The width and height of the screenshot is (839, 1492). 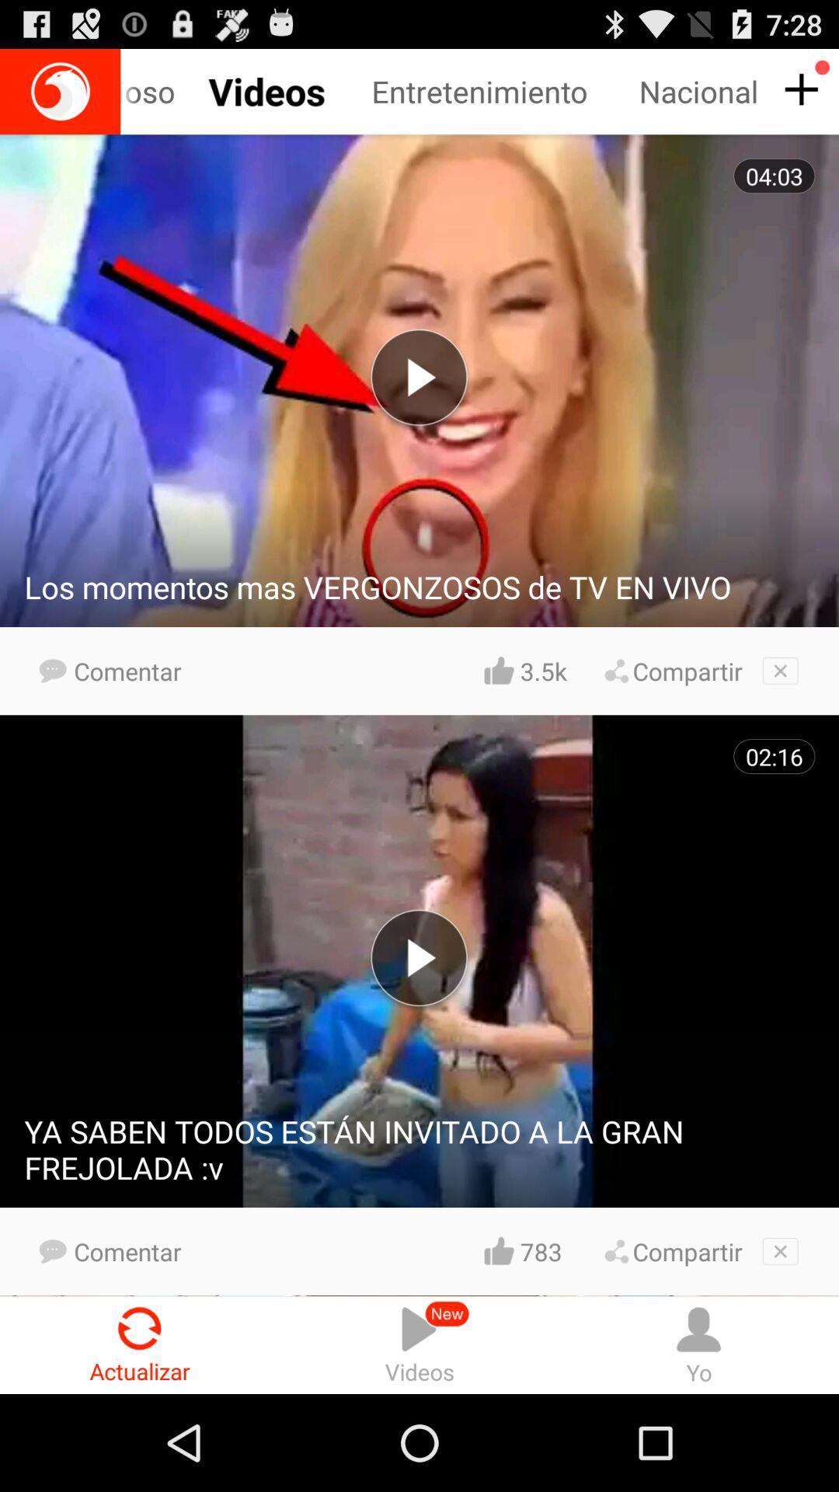 What do you see at coordinates (780, 1251) in the screenshot?
I see `exit area` at bounding box center [780, 1251].